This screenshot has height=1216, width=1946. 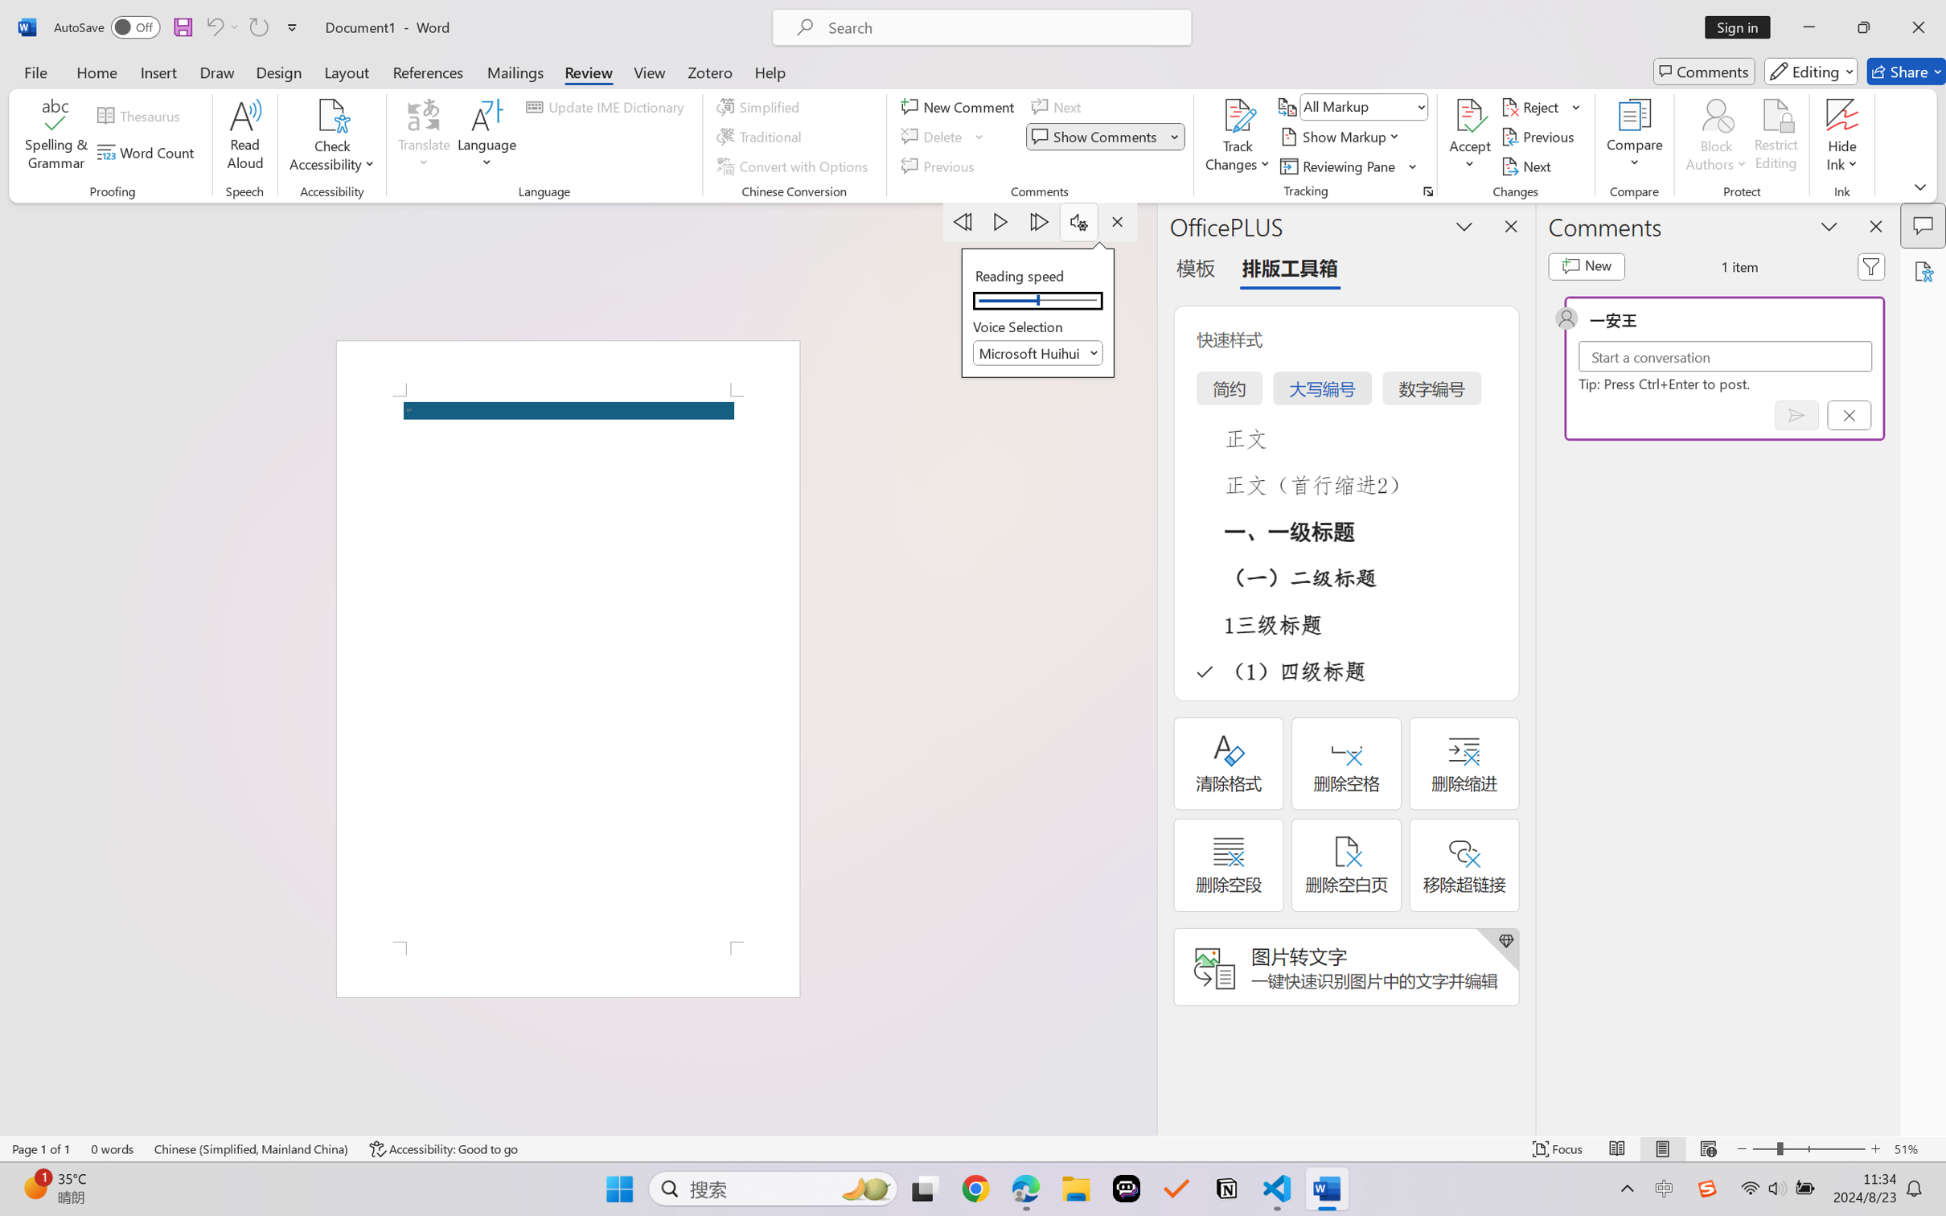 What do you see at coordinates (1635, 137) in the screenshot?
I see `'Compare'` at bounding box center [1635, 137].